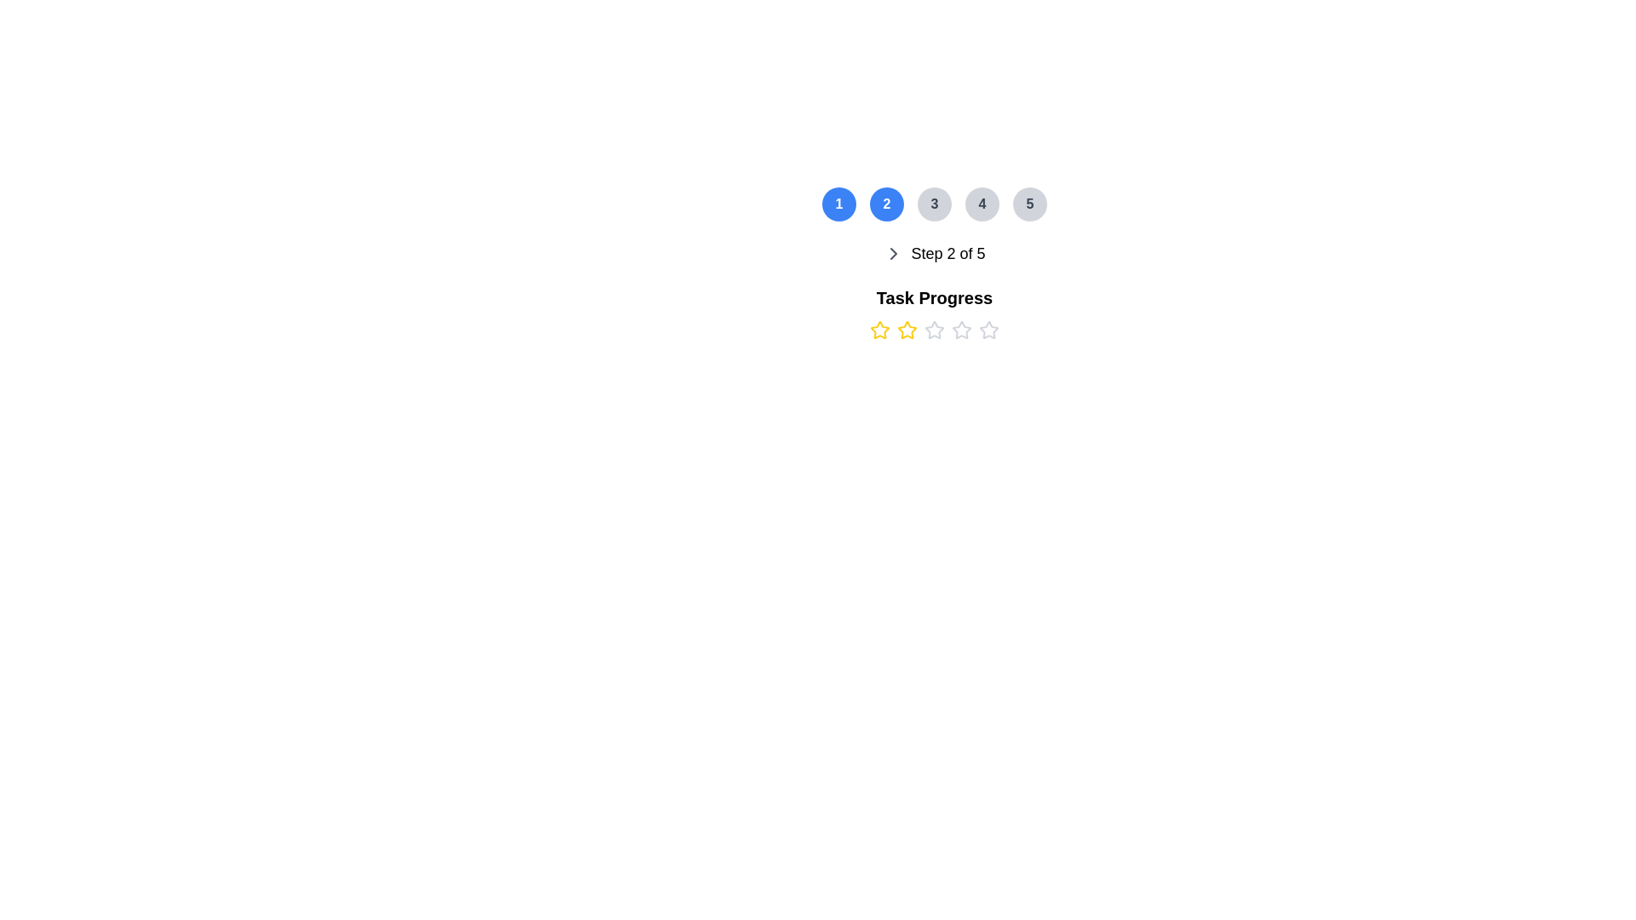 This screenshot has height=920, width=1636. What do you see at coordinates (893, 253) in the screenshot?
I see `the icon that indicates forward movement, located immediately` at bounding box center [893, 253].